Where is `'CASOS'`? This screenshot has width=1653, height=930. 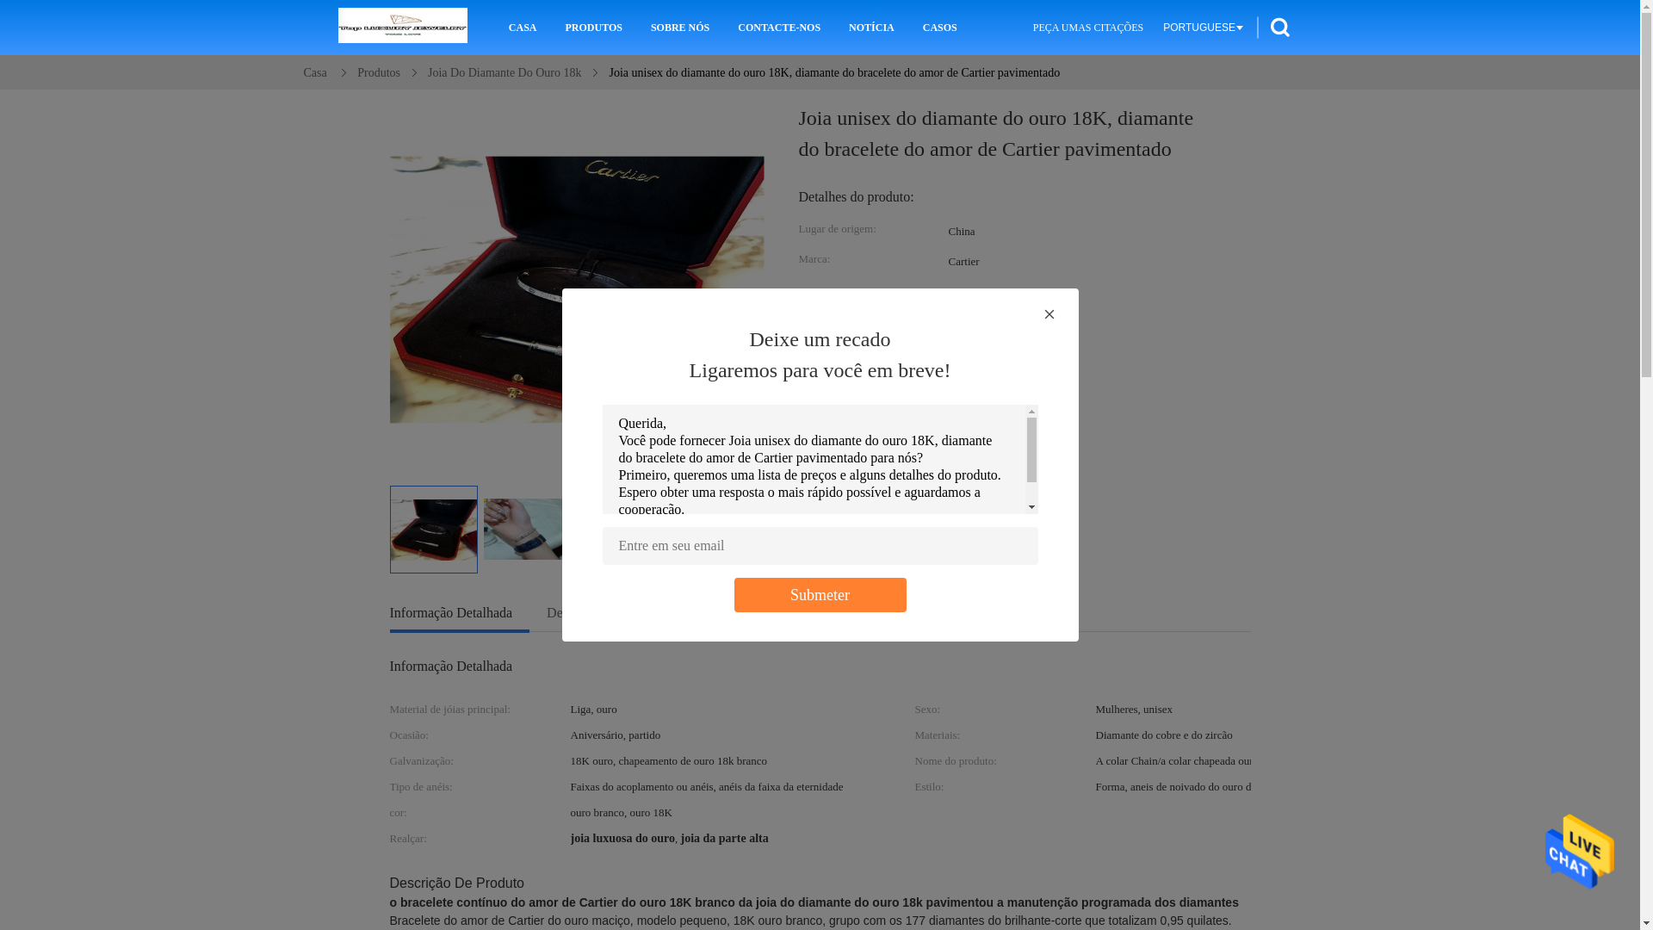 'CASOS' is located at coordinates (939, 27).